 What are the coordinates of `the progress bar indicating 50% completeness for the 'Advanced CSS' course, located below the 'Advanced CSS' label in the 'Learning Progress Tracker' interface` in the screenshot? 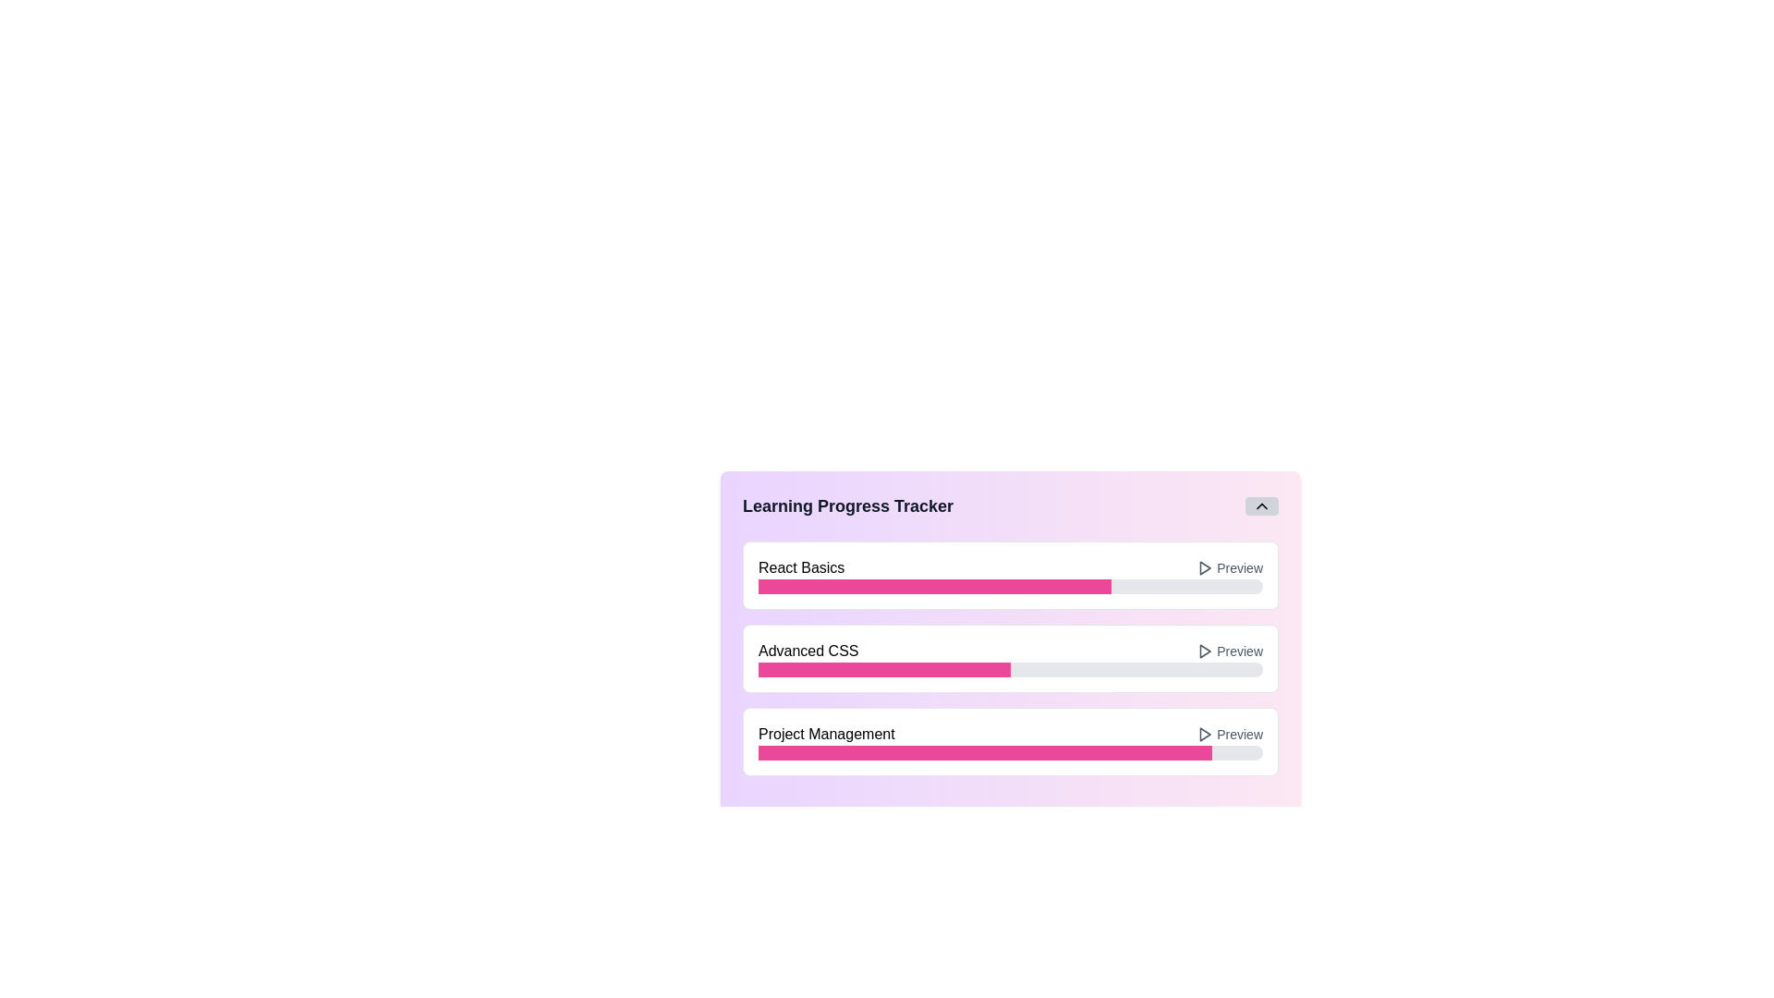 It's located at (1010, 670).